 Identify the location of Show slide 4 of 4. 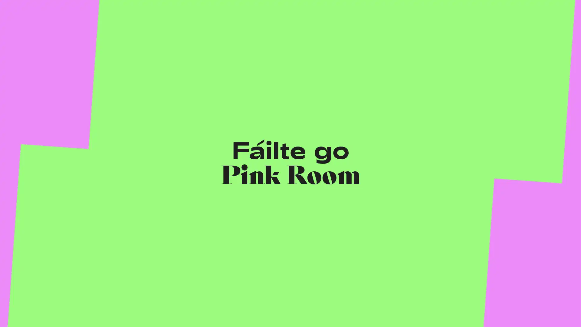
(254, 160).